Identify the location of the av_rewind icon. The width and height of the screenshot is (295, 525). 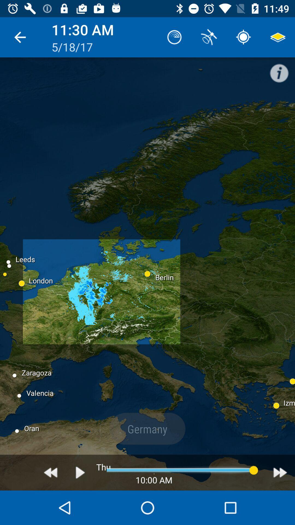
(51, 472).